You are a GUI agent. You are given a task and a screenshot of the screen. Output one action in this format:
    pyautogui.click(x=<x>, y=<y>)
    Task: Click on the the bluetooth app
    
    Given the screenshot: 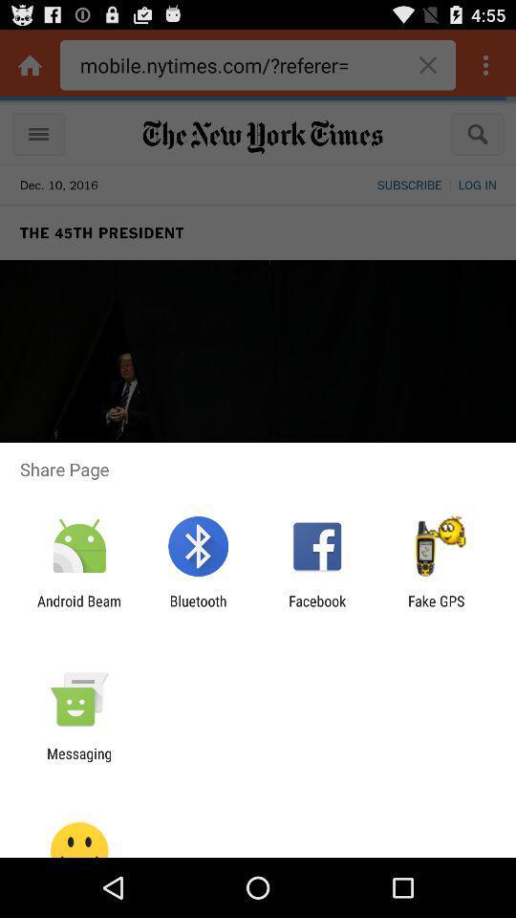 What is the action you would take?
    pyautogui.click(x=197, y=608)
    